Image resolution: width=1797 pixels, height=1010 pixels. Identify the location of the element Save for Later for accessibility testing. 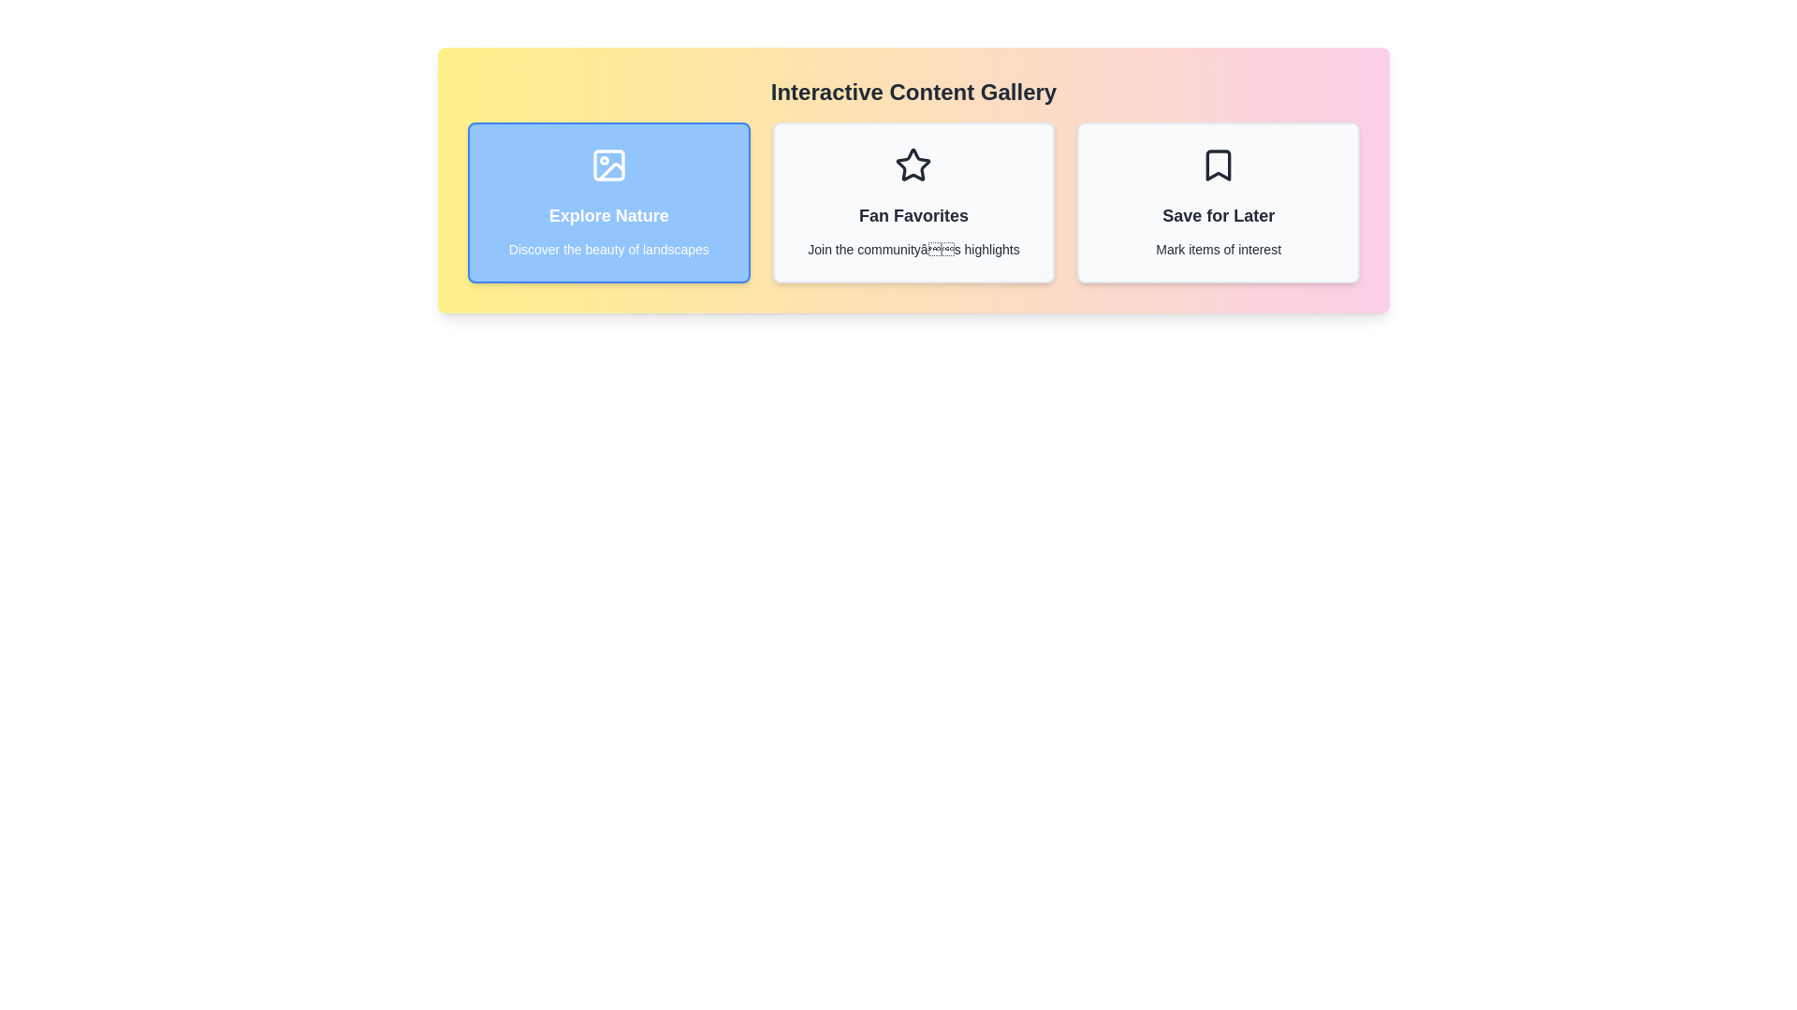
(1219, 202).